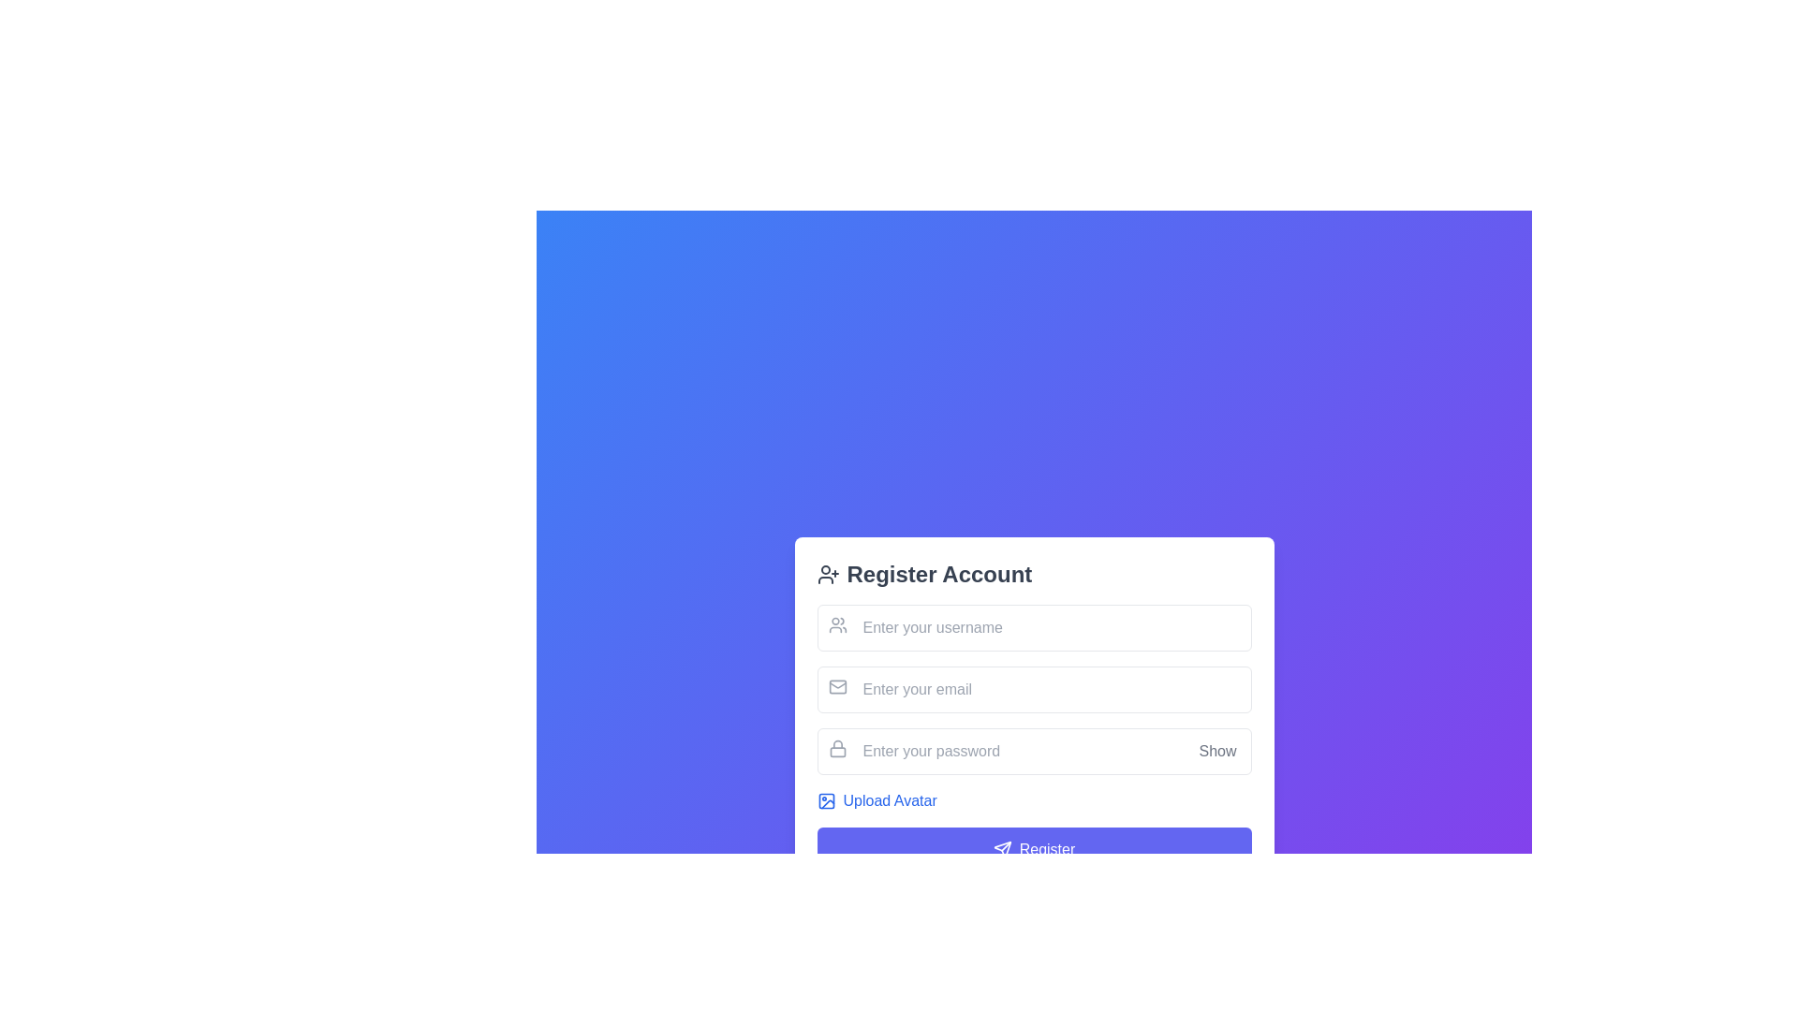 The width and height of the screenshot is (1798, 1011). Describe the element at coordinates (836, 686) in the screenshot. I see `the rectangular base of the email icon, located to the left of the 'Enter your email' input field in the form layout` at that location.